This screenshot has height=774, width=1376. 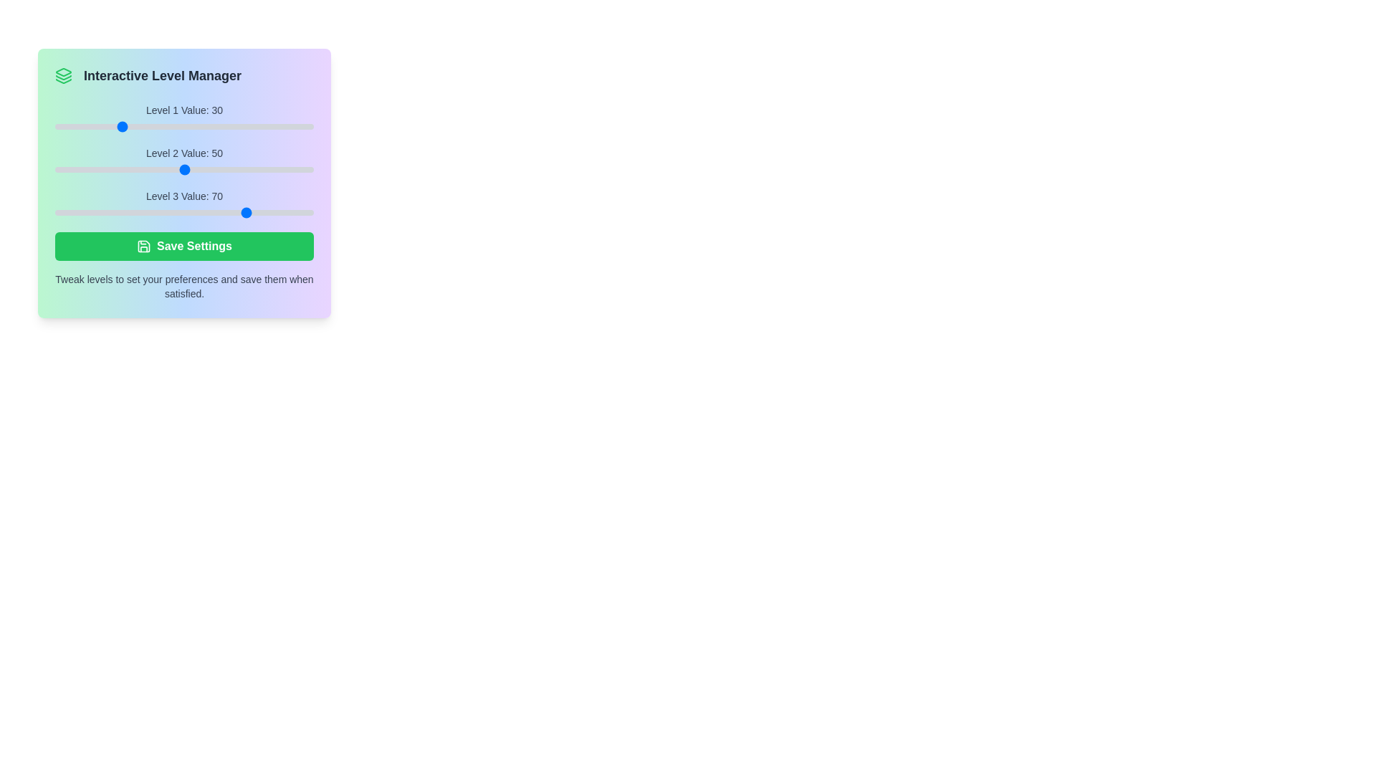 I want to click on the handle of the slider located below the label 'Level 2 Value: 50', so click(x=183, y=168).